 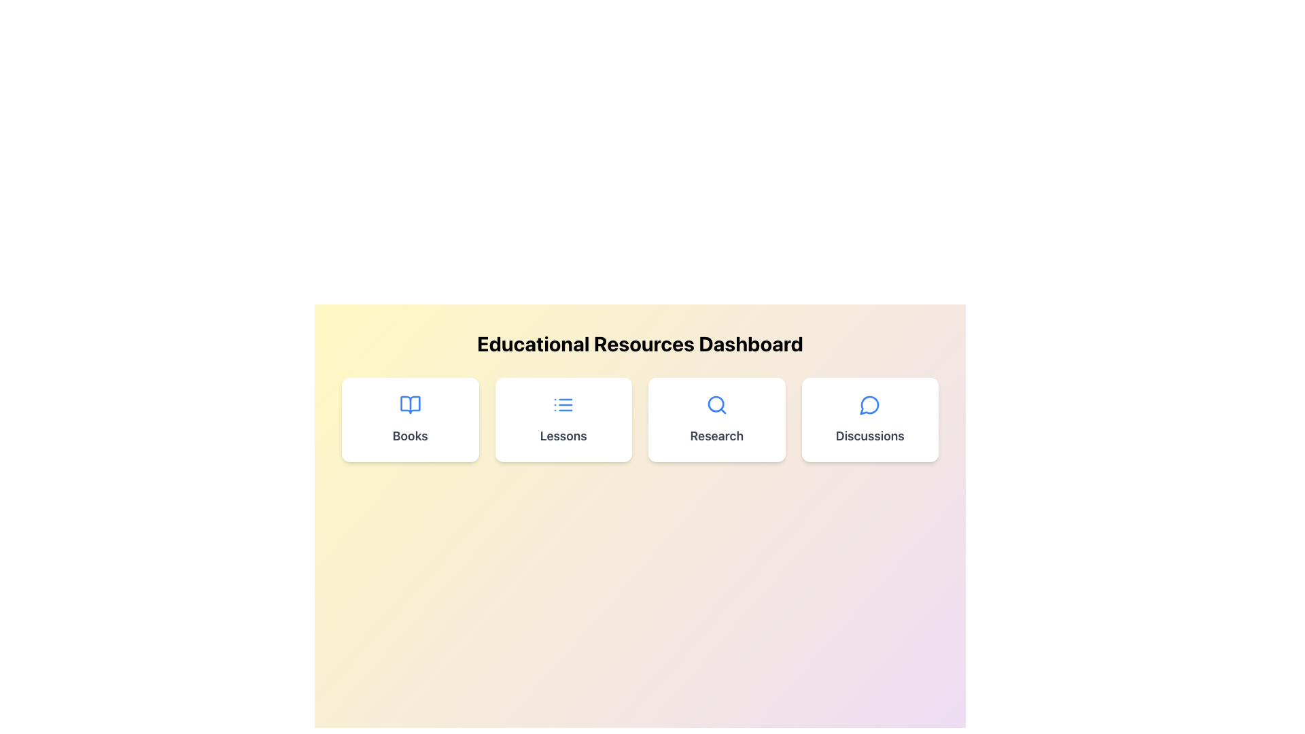 What do you see at coordinates (870, 404) in the screenshot?
I see `the message bubble icon located within the 'Discussions' card, which is the last card in a horizontal row under the 'Educational Resources Dashboard'` at bounding box center [870, 404].